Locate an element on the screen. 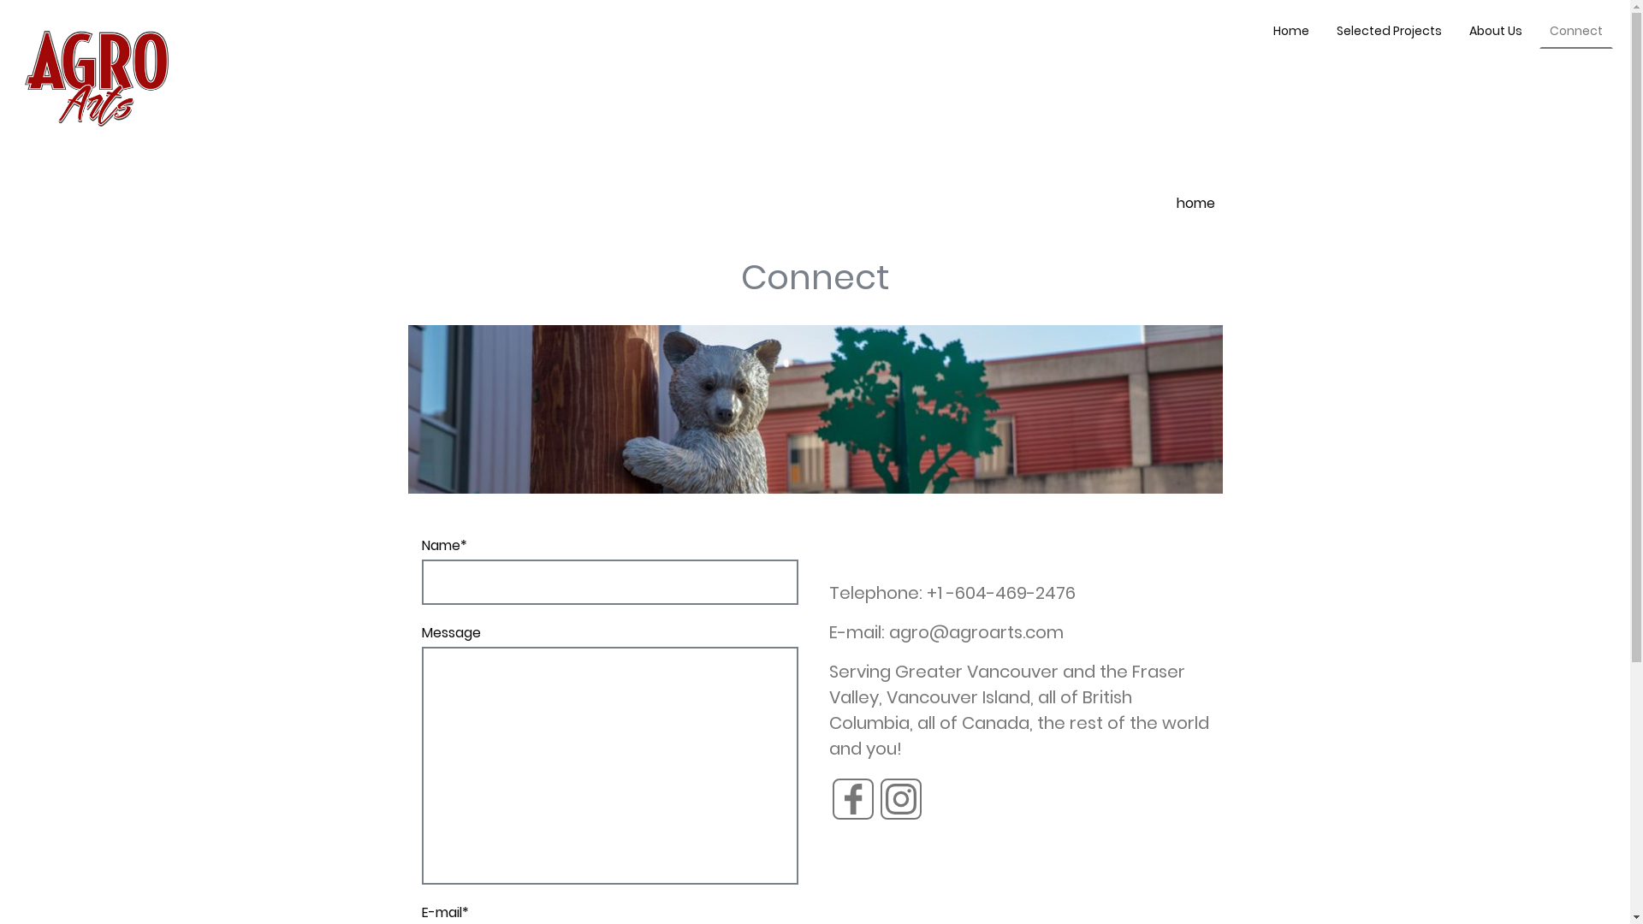 This screenshot has height=924, width=1643. 'Home' is located at coordinates (1290, 31).